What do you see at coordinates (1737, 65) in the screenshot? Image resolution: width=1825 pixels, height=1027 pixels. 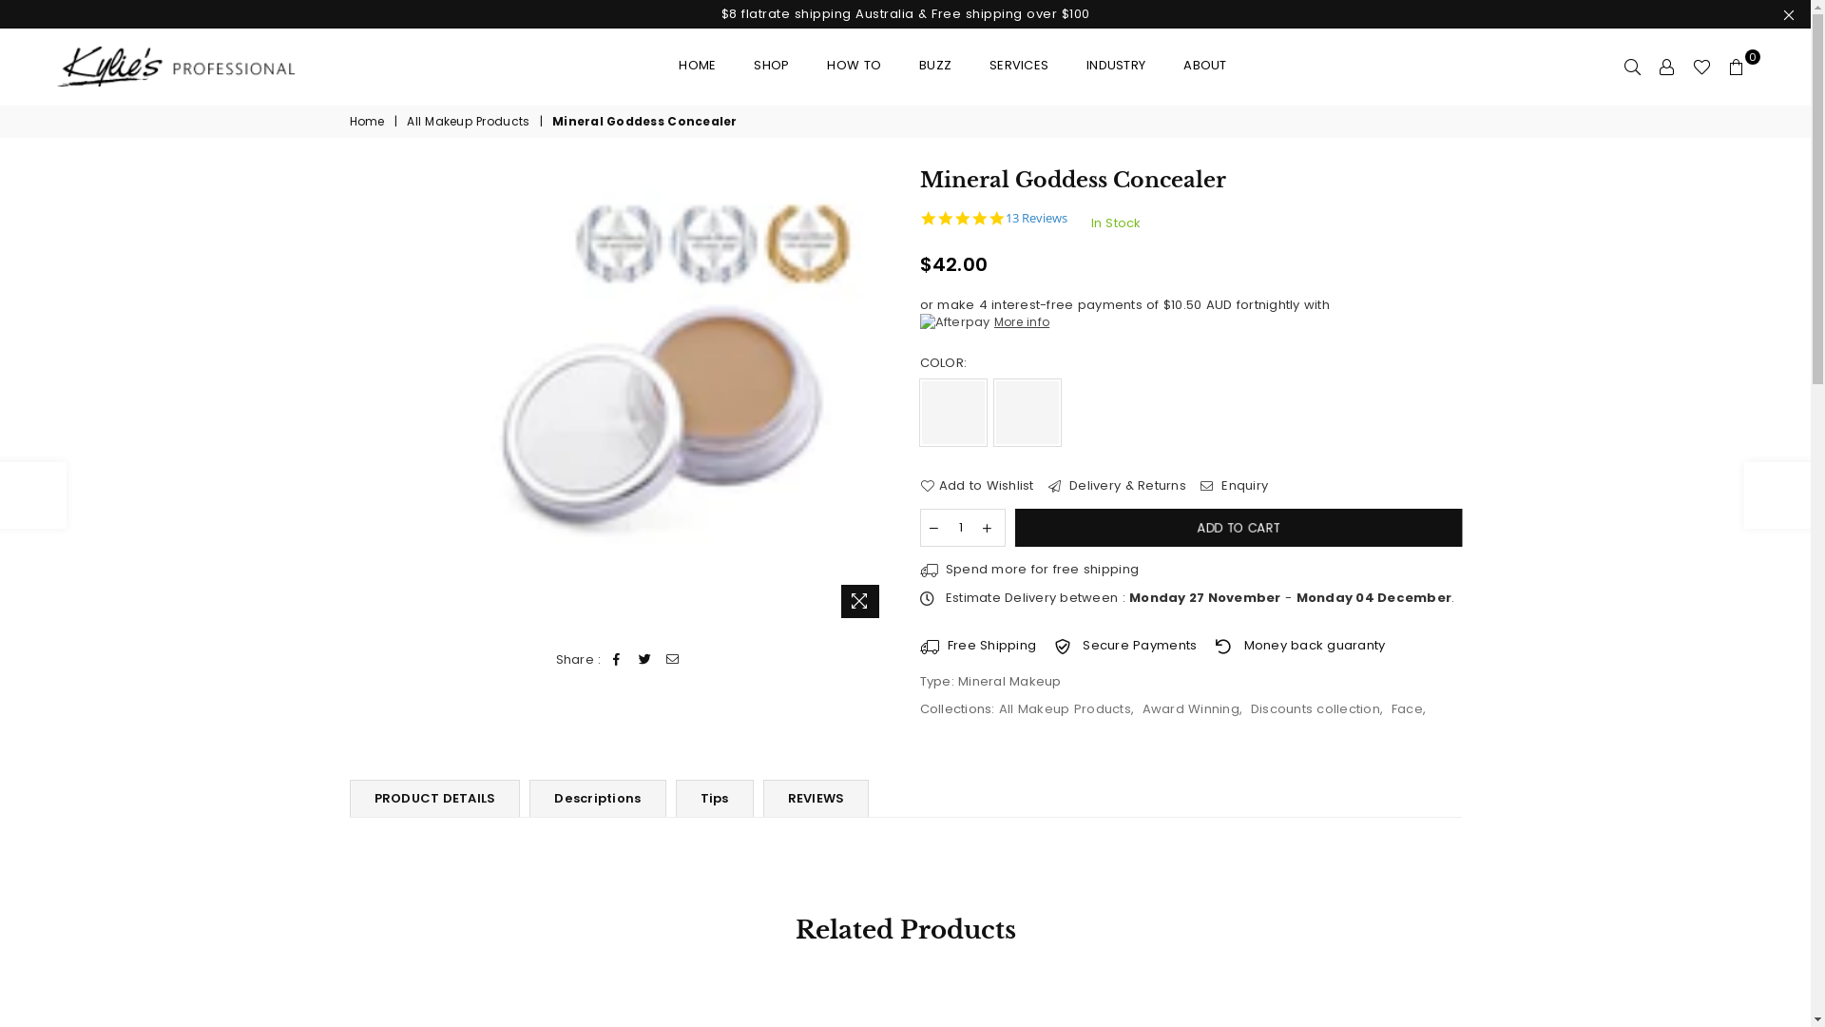 I see `'0'` at bounding box center [1737, 65].